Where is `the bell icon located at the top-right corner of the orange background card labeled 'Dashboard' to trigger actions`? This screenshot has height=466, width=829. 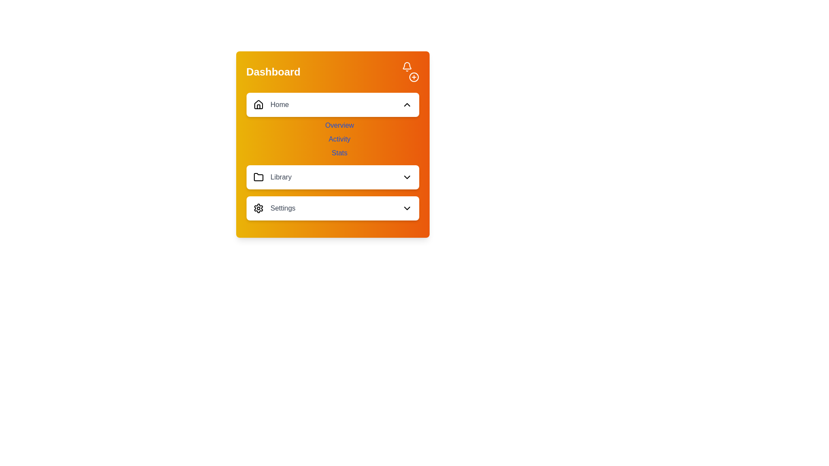
the bell icon located at the top-right corner of the orange background card labeled 'Dashboard' to trigger actions is located at coordinates (406, 65).